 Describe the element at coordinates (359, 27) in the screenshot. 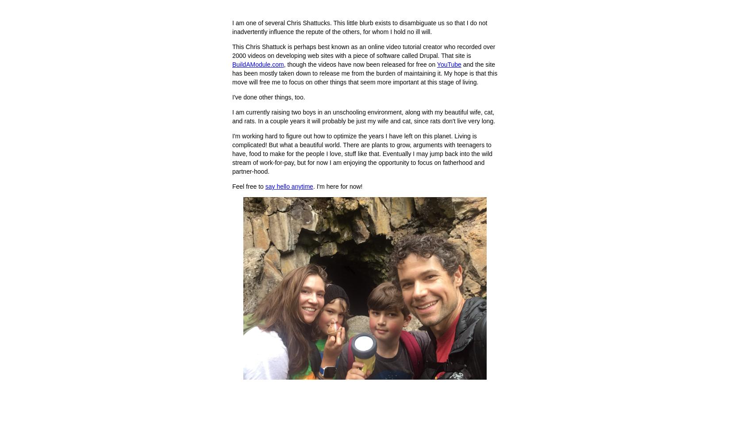

I see `'I am one of several Chris Shattucks. This little blurb exists to disambiguate us so that I do not inadvertently influence the repute of the others, for whom I hold no ill will.'` at that location.